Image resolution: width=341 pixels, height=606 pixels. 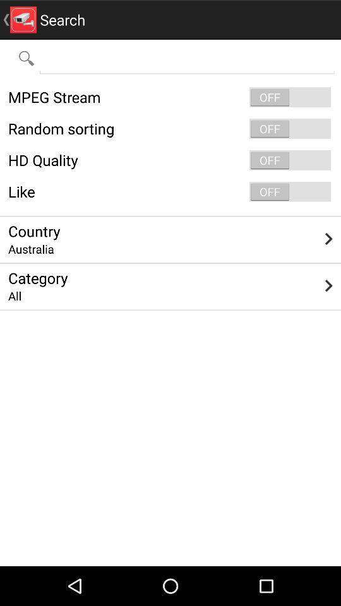 What do you see at coordinates (170, 97) in the screenshot?
I see `the icon above random sorting` at bounding box center [170, 97].